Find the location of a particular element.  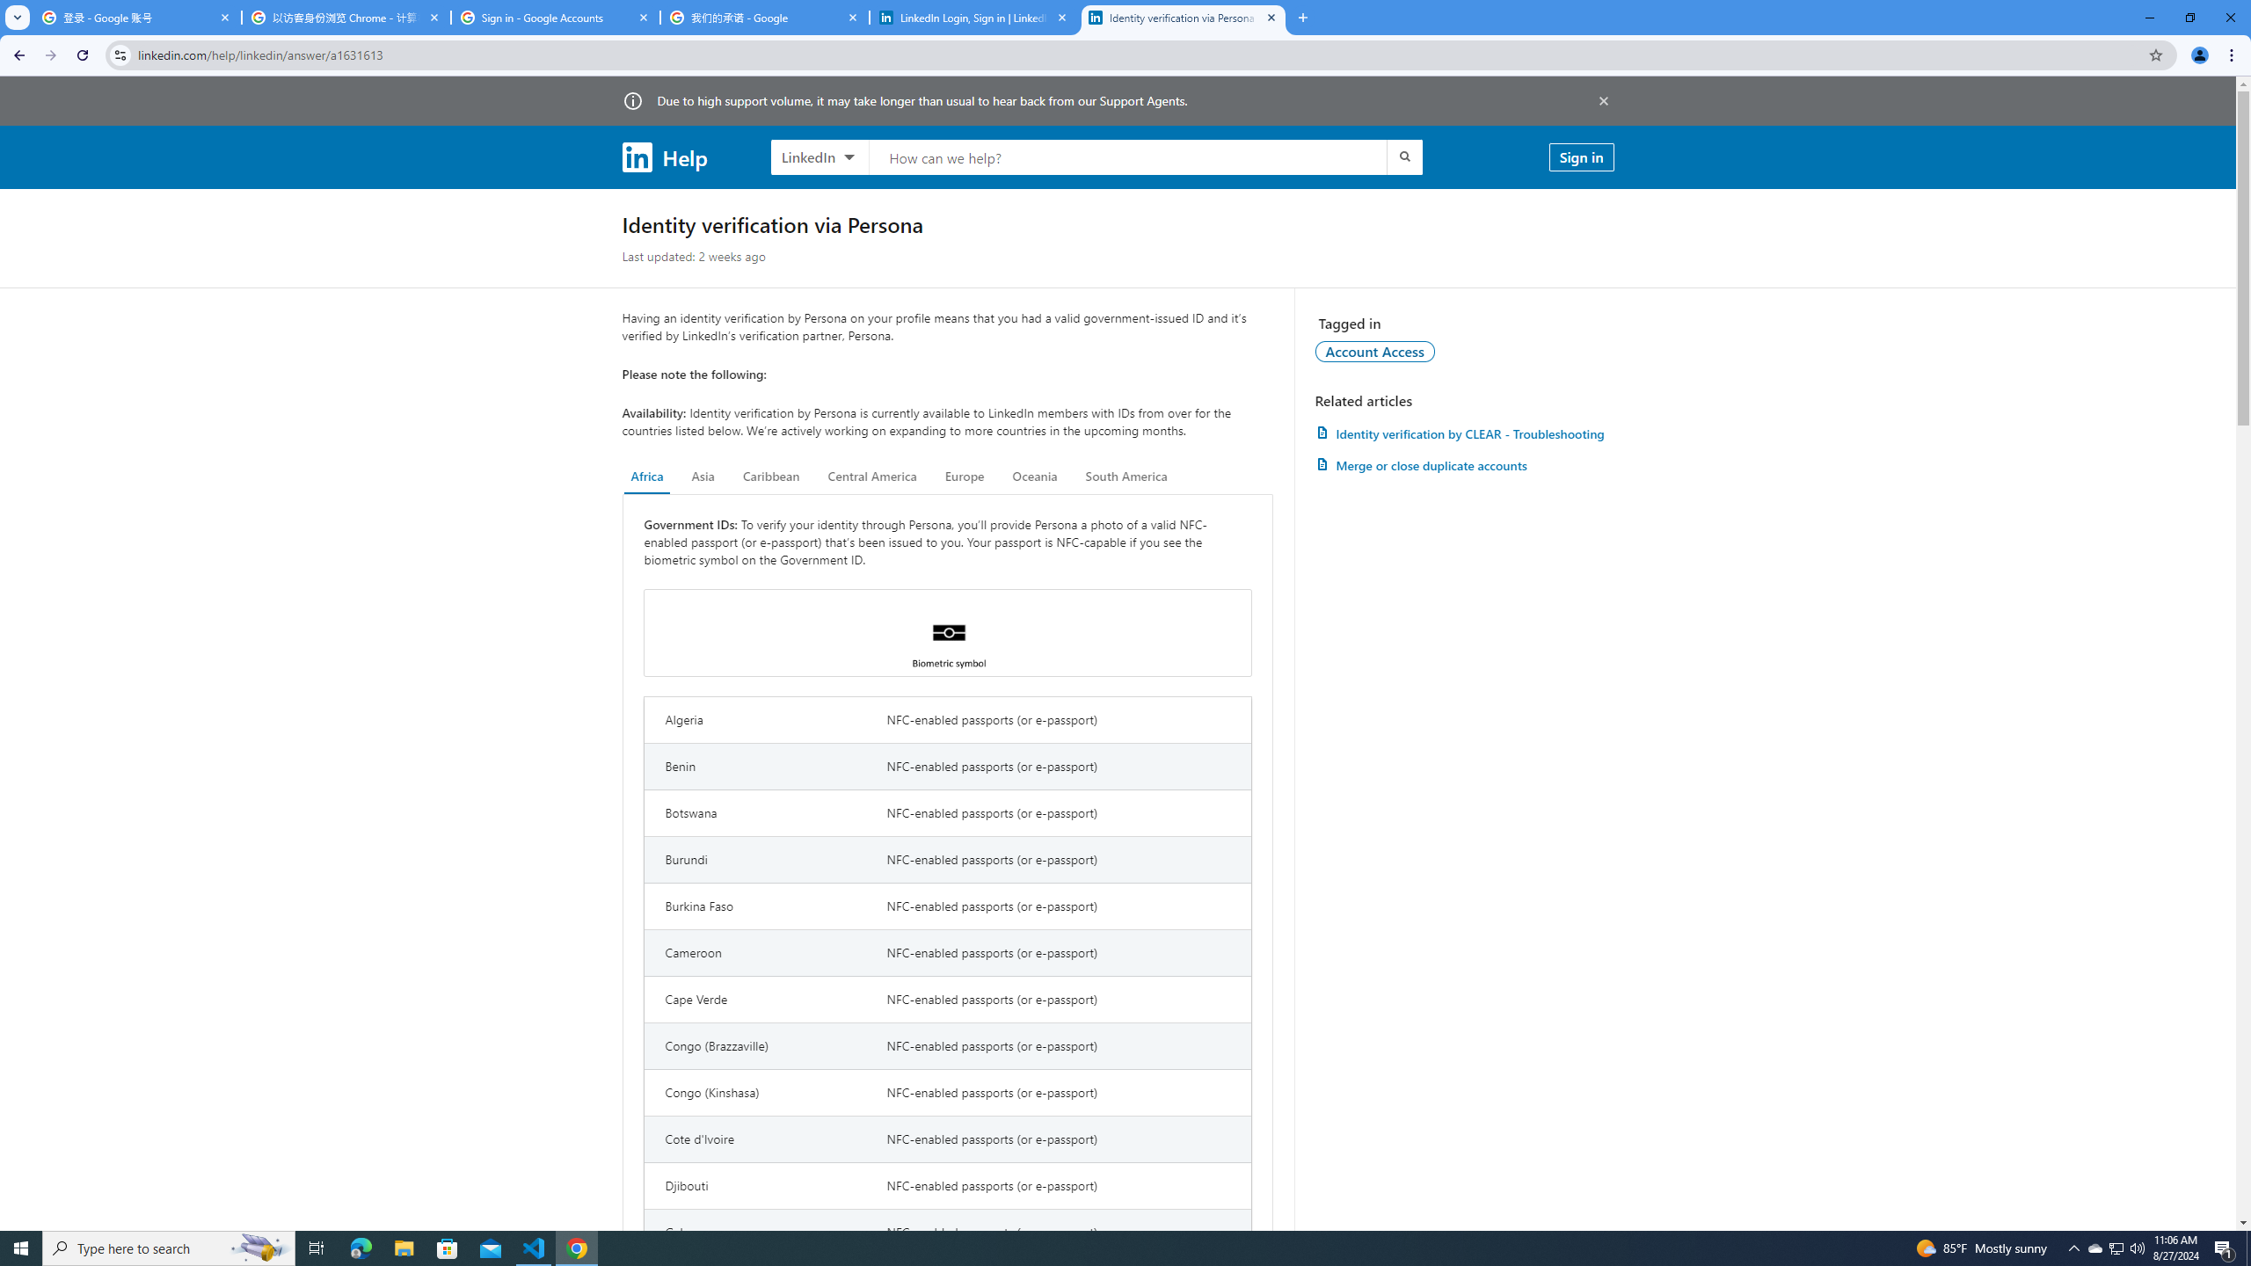

'AutomationID: article-link-a1337200' is located at coordinates (1463, 464).